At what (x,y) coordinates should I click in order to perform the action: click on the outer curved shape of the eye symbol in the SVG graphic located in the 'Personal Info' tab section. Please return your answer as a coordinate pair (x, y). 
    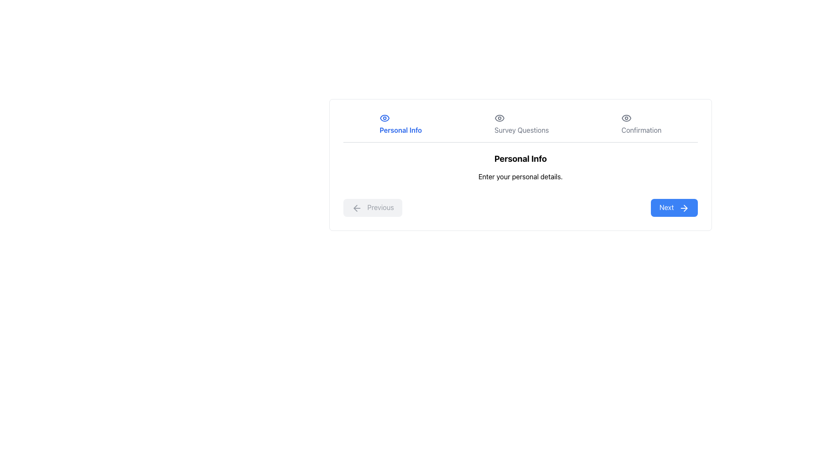
    Looking at the image, I should click on (384, 118).